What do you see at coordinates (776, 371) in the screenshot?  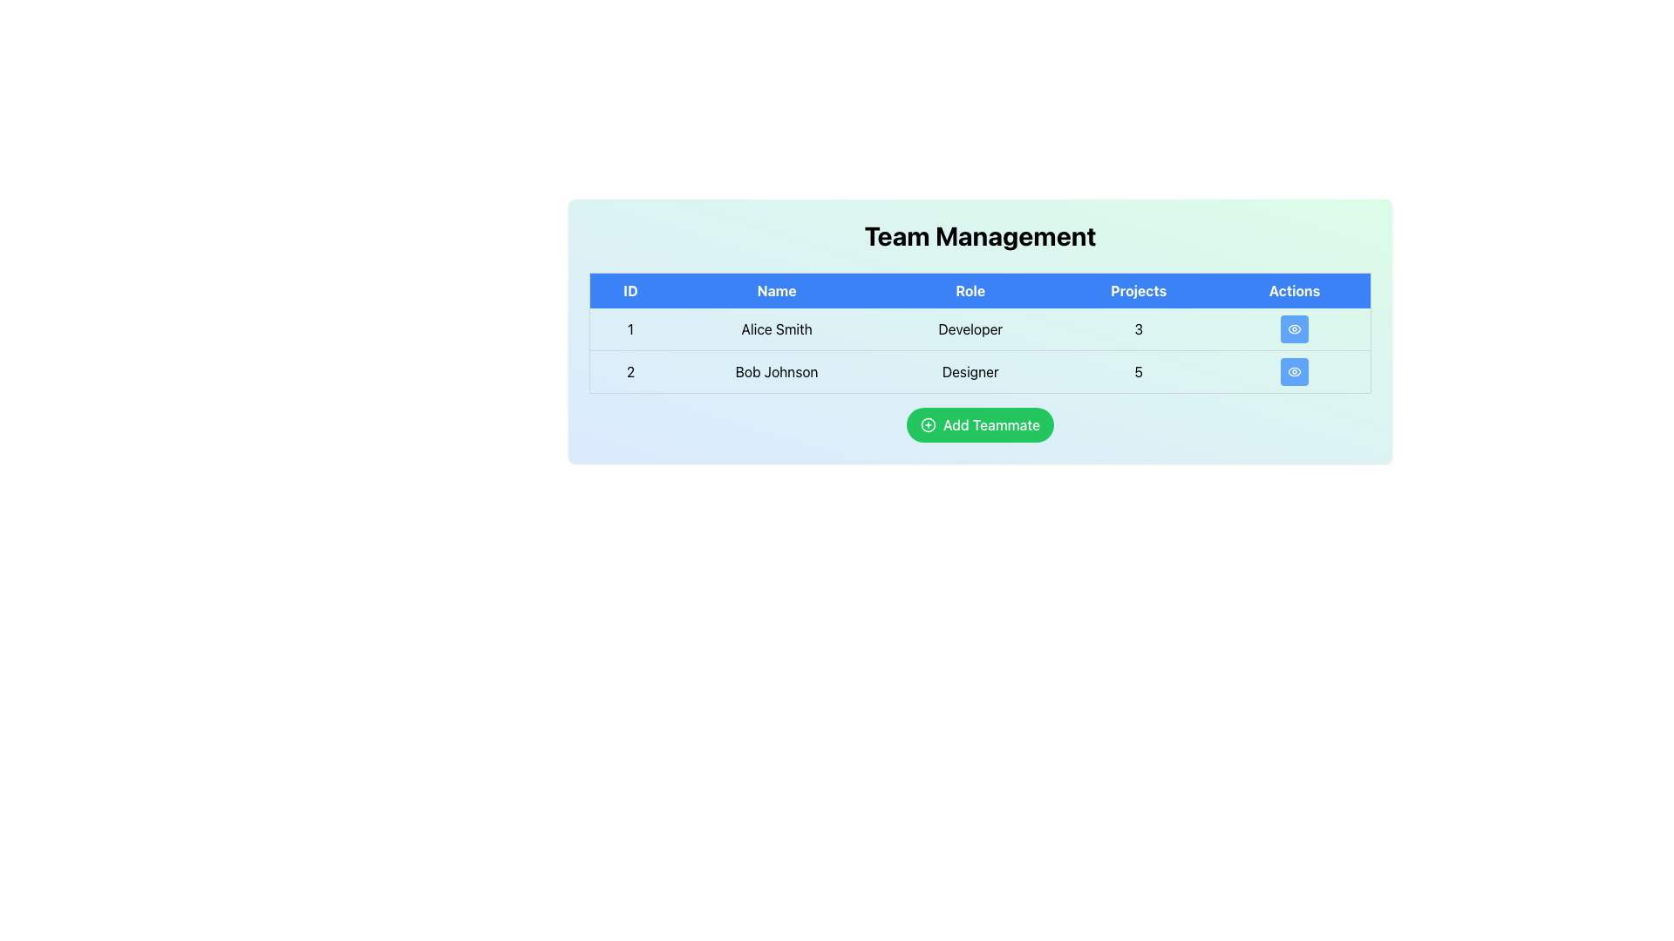 I see `the table cell containing the text 'Bob Johnson', which is located in the second row under the 'Name' column, centered between the cells '2' and 'Designer'` at bounding box center [776, 371].